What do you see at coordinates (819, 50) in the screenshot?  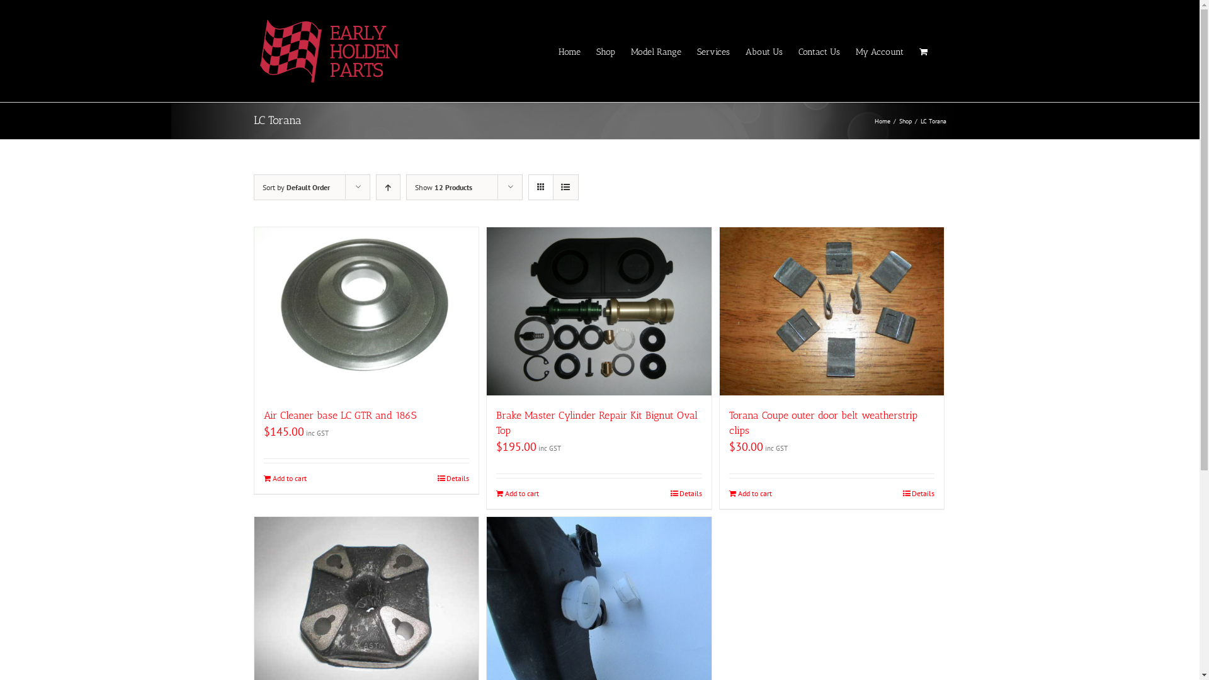 I see `'Contact Us'` at bounding box center [819, 50].